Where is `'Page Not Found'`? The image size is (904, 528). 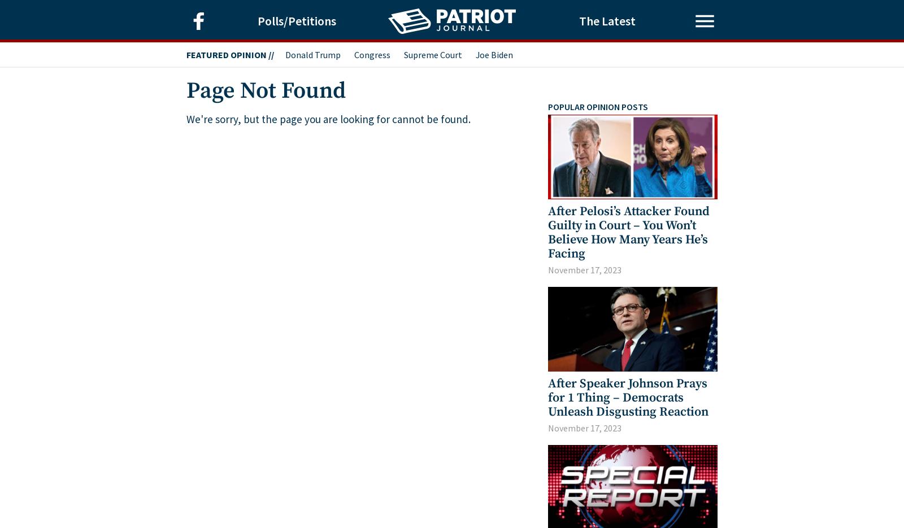
'Page Not Found' is located at coordinates (266, 91).